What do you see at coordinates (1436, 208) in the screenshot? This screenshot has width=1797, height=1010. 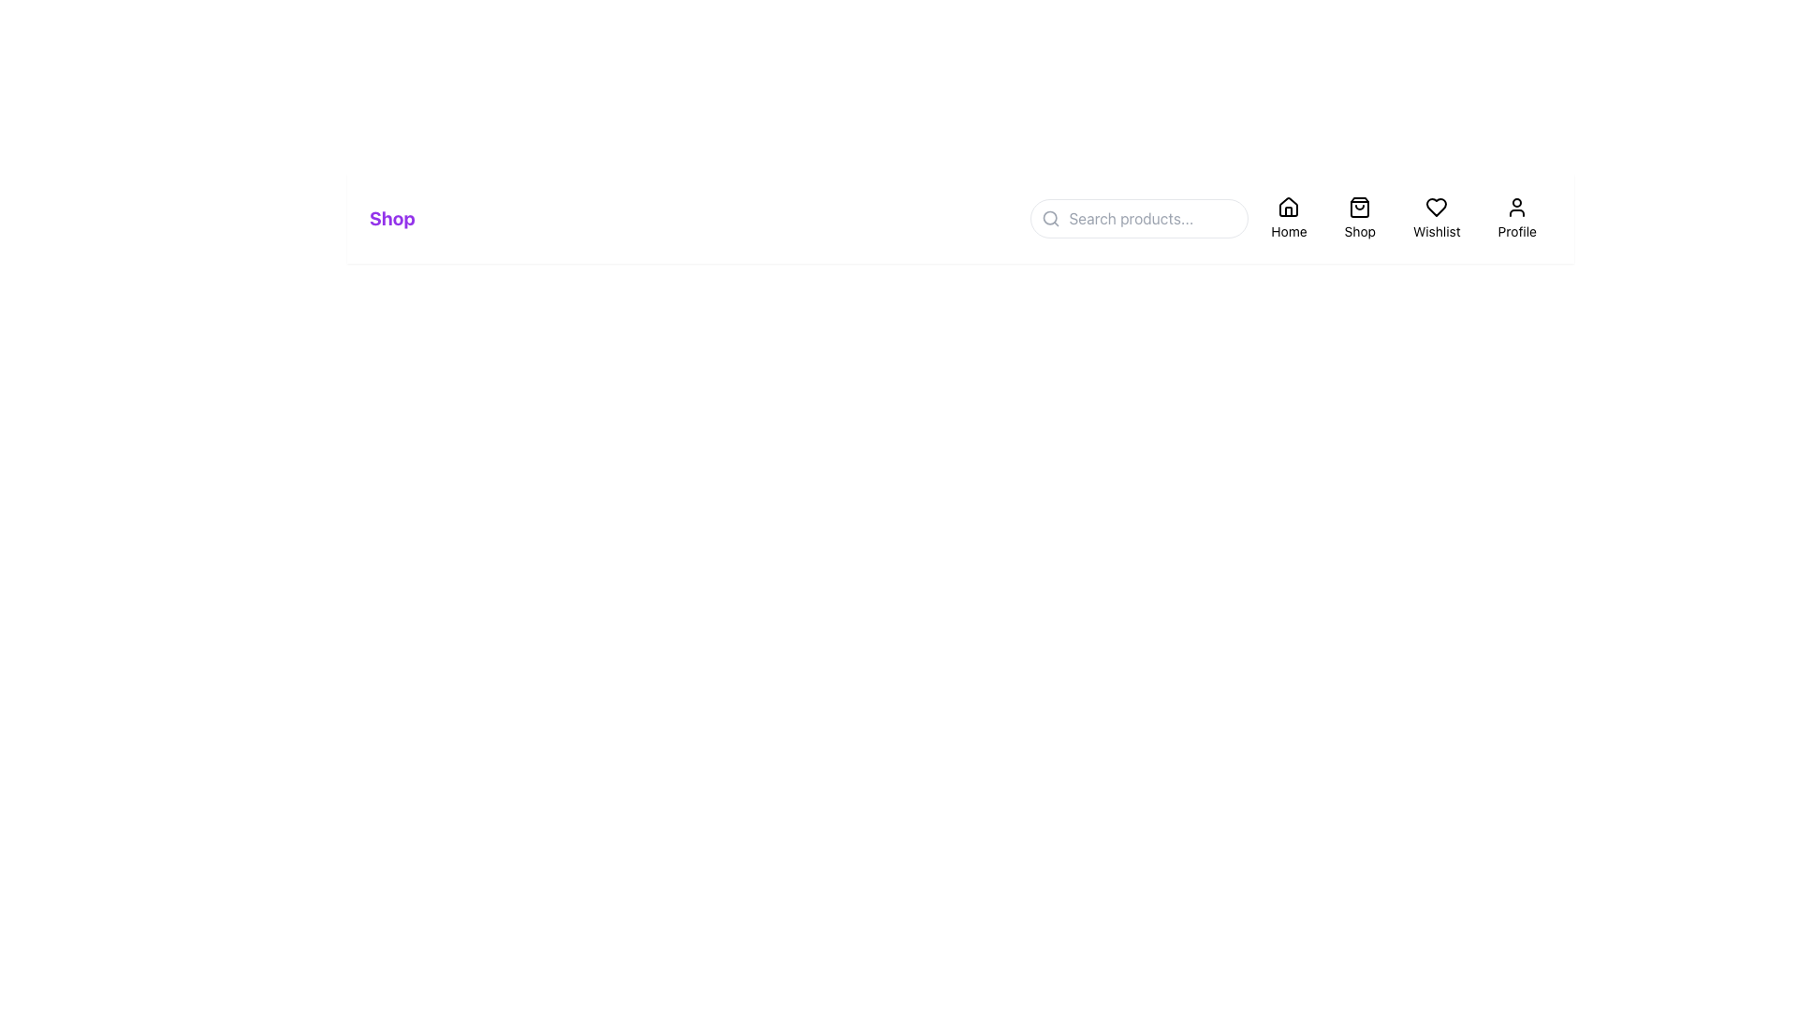 I see `the heart icon that represents the wishlist feature, located in the navigation bar between the 'Shop' and 'Profile' sections` at bounding box center [1436, 208].